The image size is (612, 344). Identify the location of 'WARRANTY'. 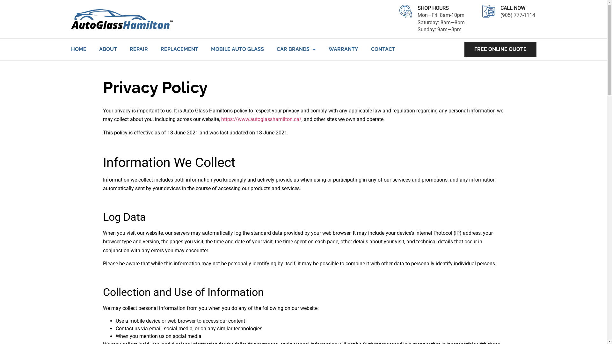
(343, 49).